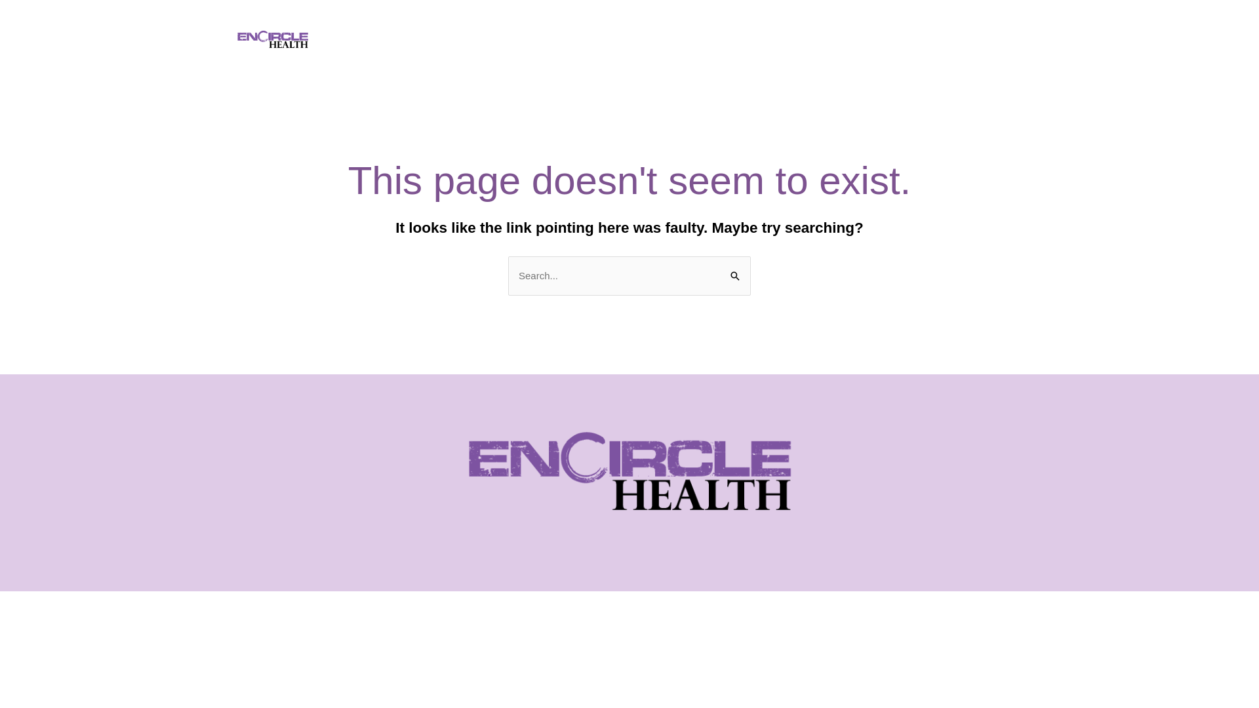 This screenshot has width=1259, height=708. What do you see at coordinates (736, 269) in the screenshot?
I see `'Search'` at bounding box center [736, 269].